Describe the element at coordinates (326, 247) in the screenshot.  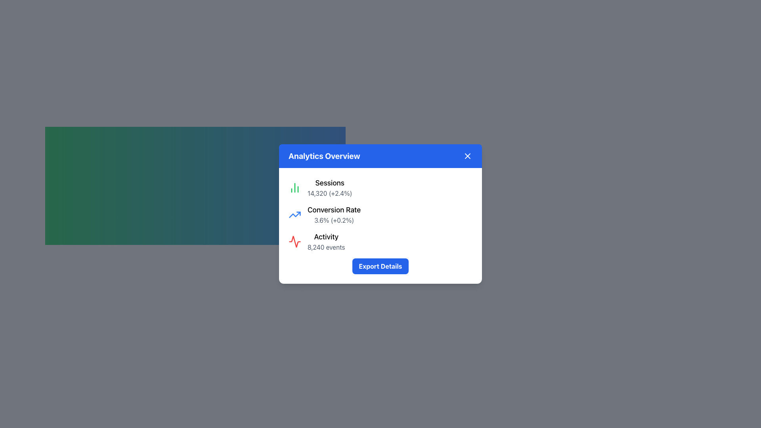
I see `the static text element that provides the summary statistic of events in the 'Activity' section, located under the 'Analytics Overview' card following the heading 'Activity'` at that location.